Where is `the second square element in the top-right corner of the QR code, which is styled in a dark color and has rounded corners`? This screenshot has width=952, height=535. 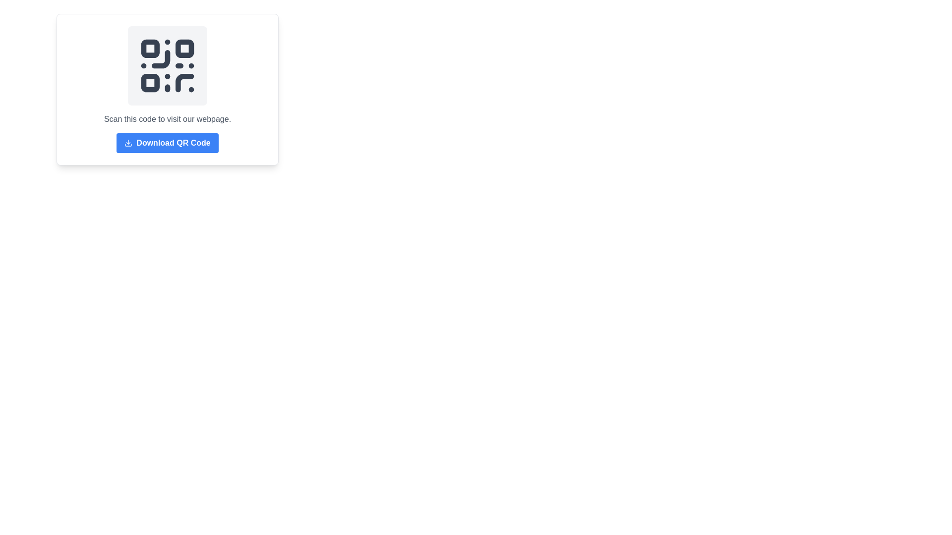 the second square element in the top-right corner of the QR code, which is styled in a dark color and has rounded corners is located at coordinates (184, 49).